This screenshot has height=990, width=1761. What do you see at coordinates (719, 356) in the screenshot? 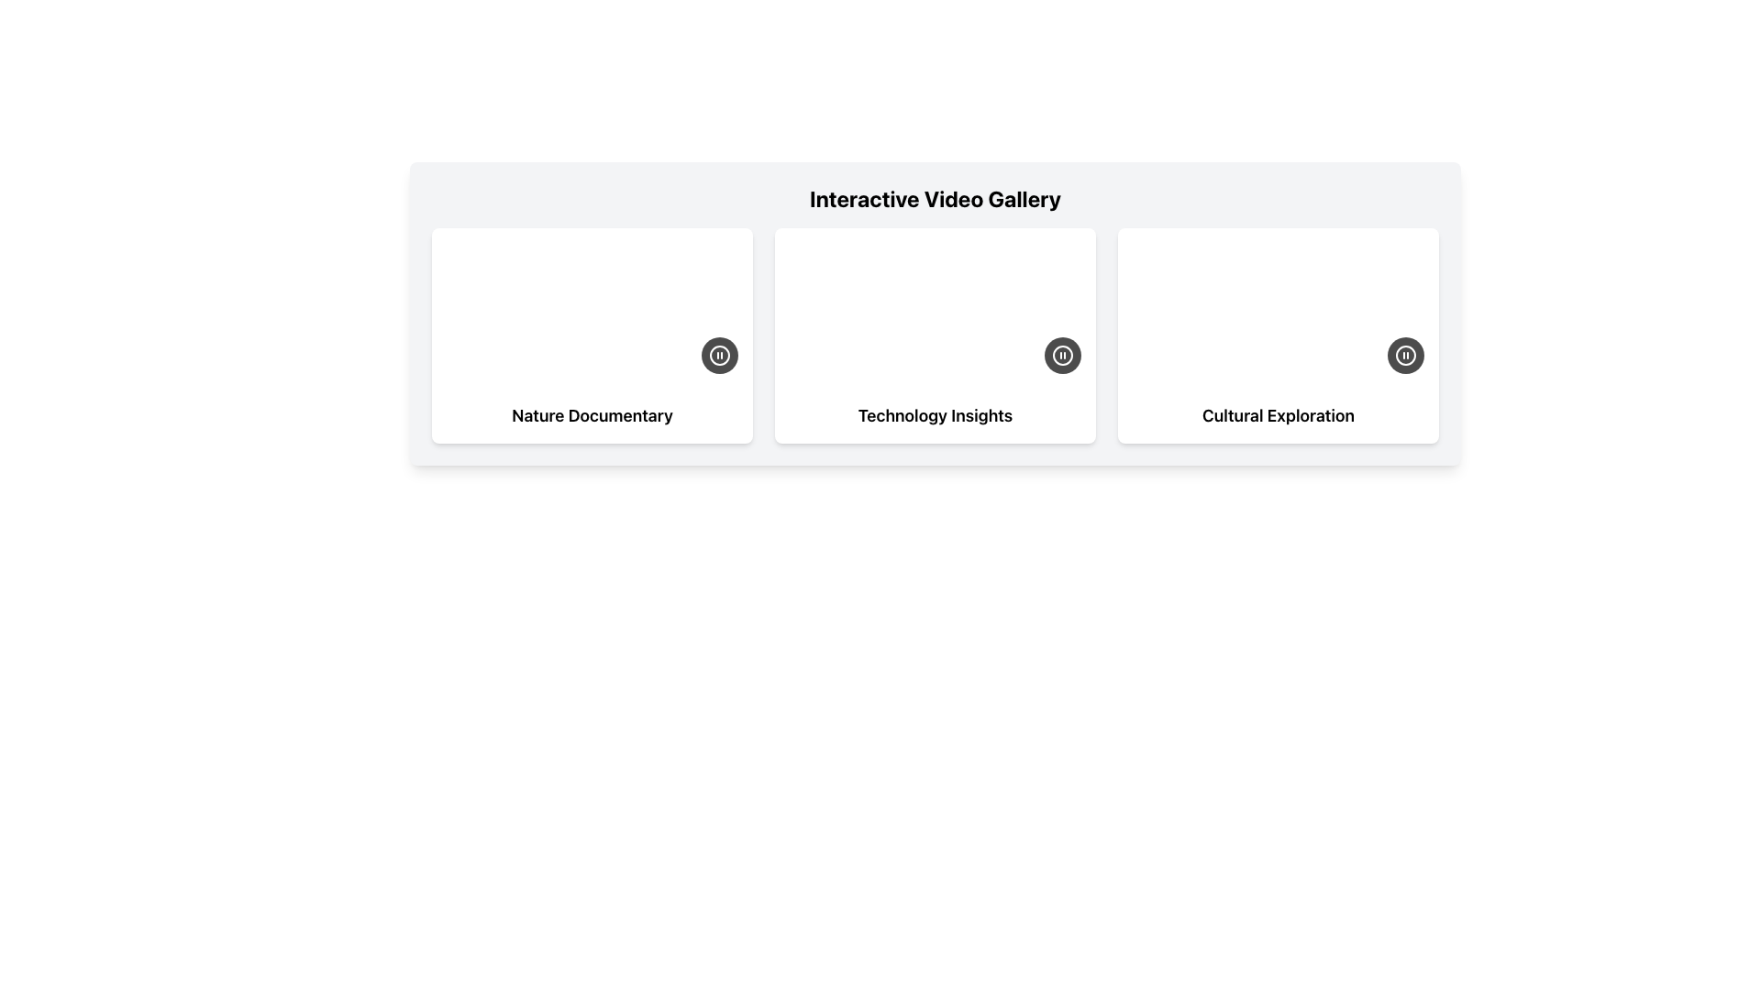
I see `the graphical SVG element represented by a dark filled circle within the button-like icon in the first content card labeled 'Nature Documentary'` at bounding box center [719, 356].